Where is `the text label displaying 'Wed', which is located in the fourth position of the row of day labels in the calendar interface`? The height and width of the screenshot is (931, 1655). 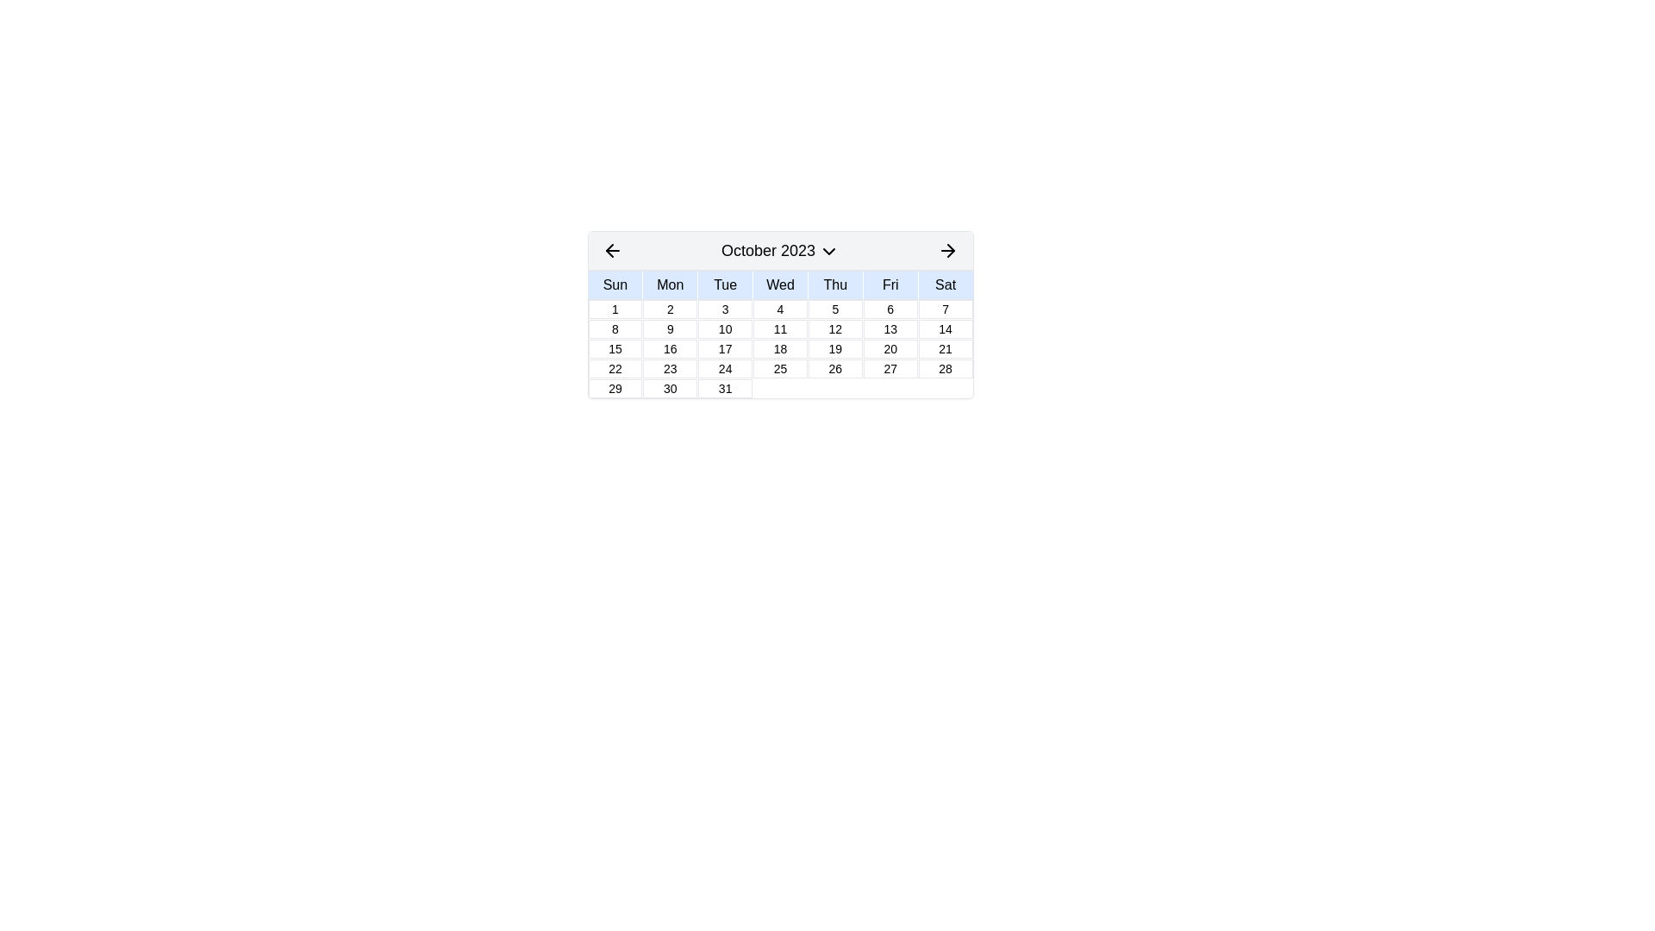 the text label displaying 'Wed', which is located in the fourth position of the row of day labels in the calendar interface is located at coordinates (779, 284).